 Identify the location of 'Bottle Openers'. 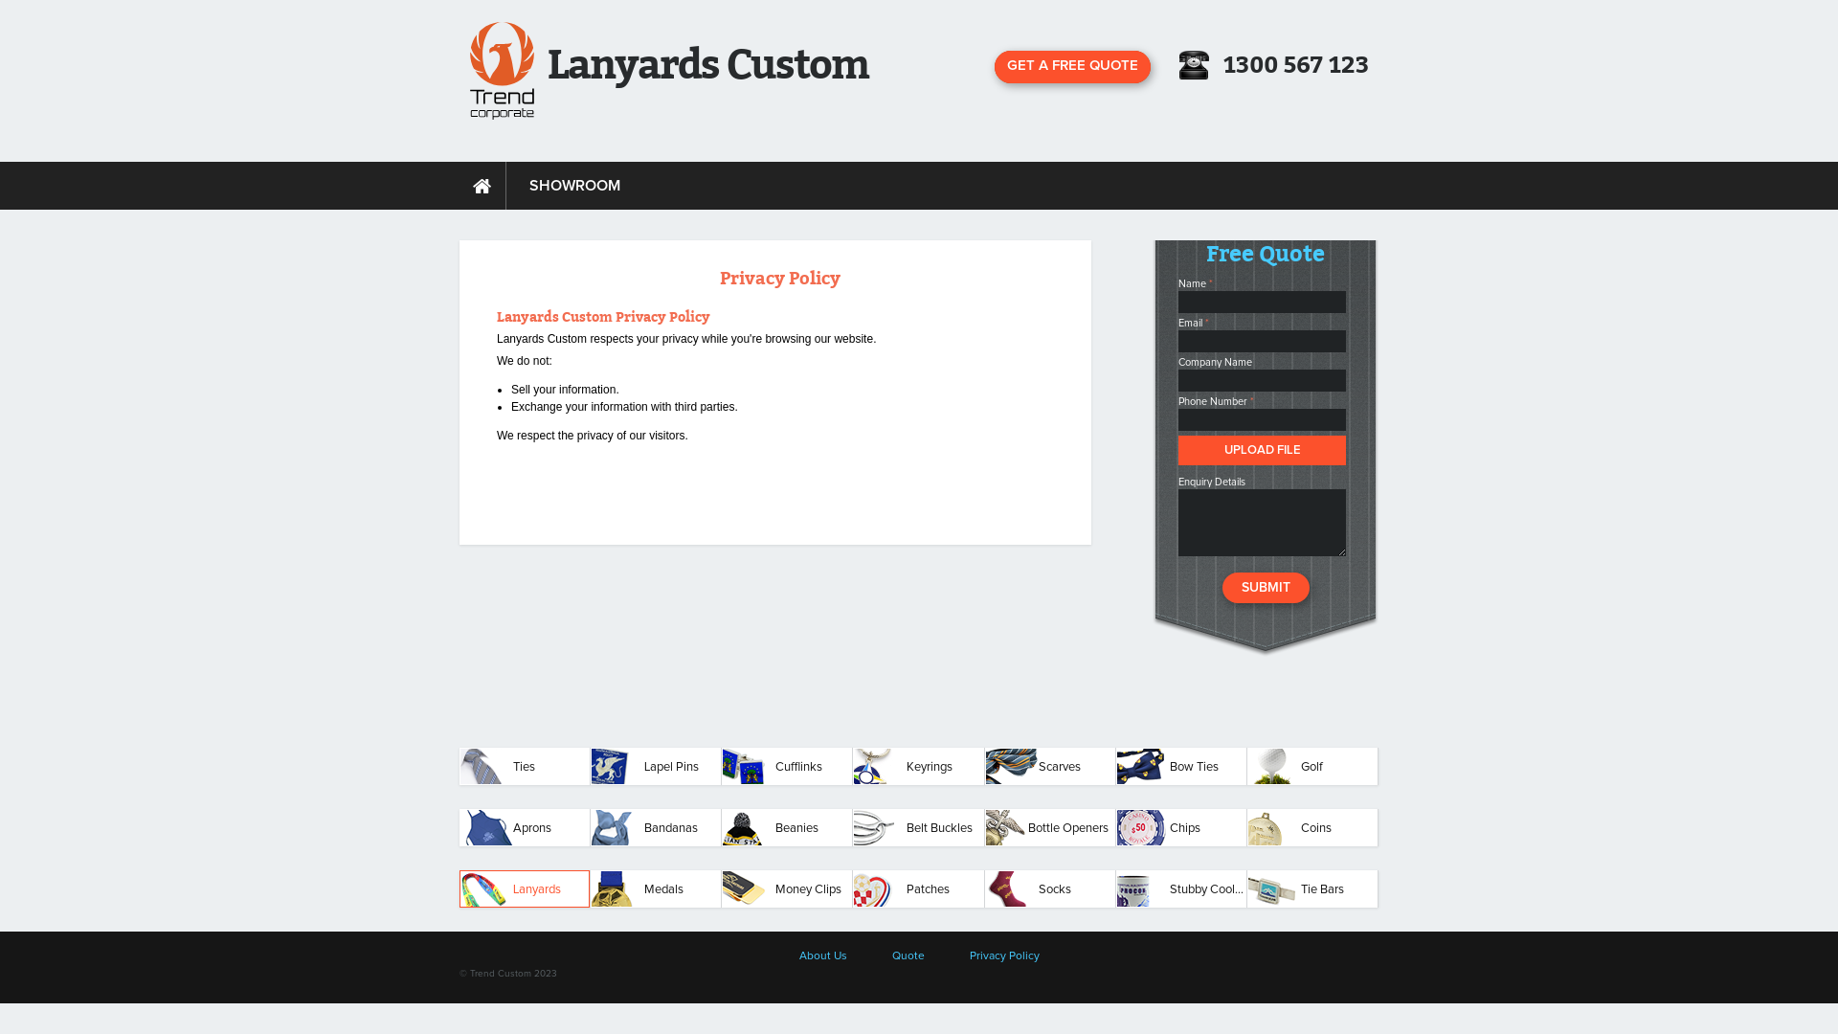
(1049, 826).